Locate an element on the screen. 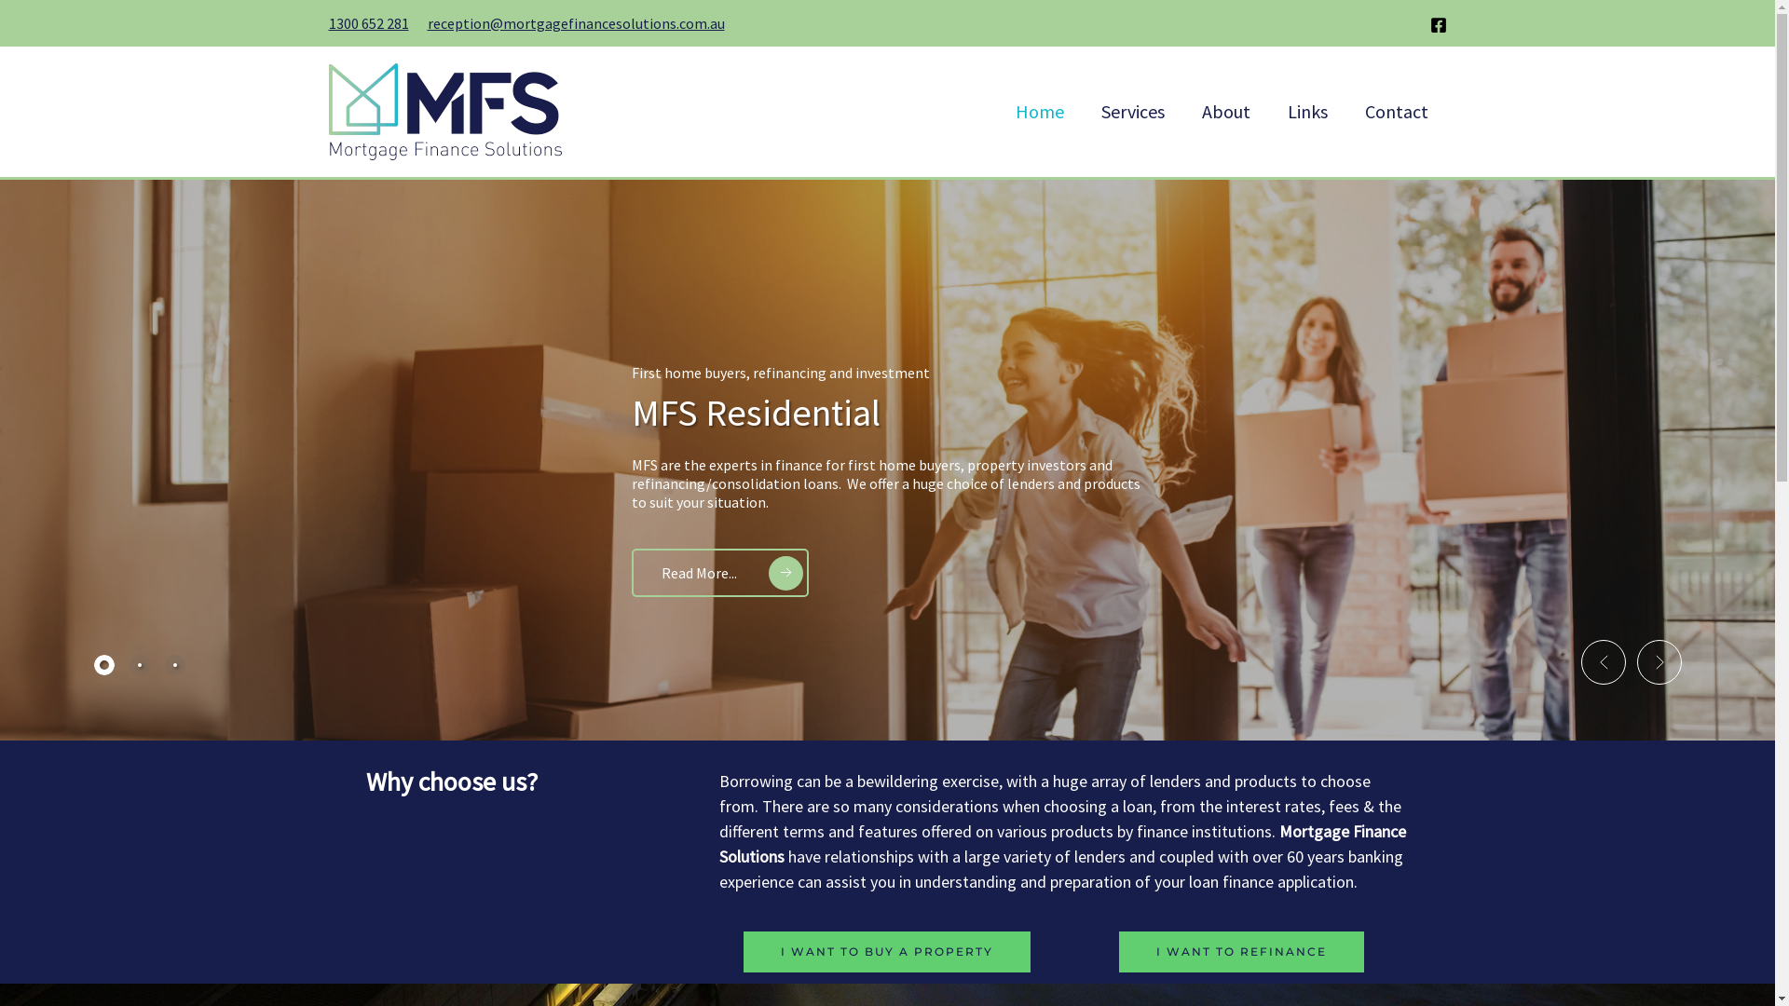 The width and height of the screenshot is (1789, 1006). 'I WANT TO REFINANCE' is located at coordinates (1241, 952).